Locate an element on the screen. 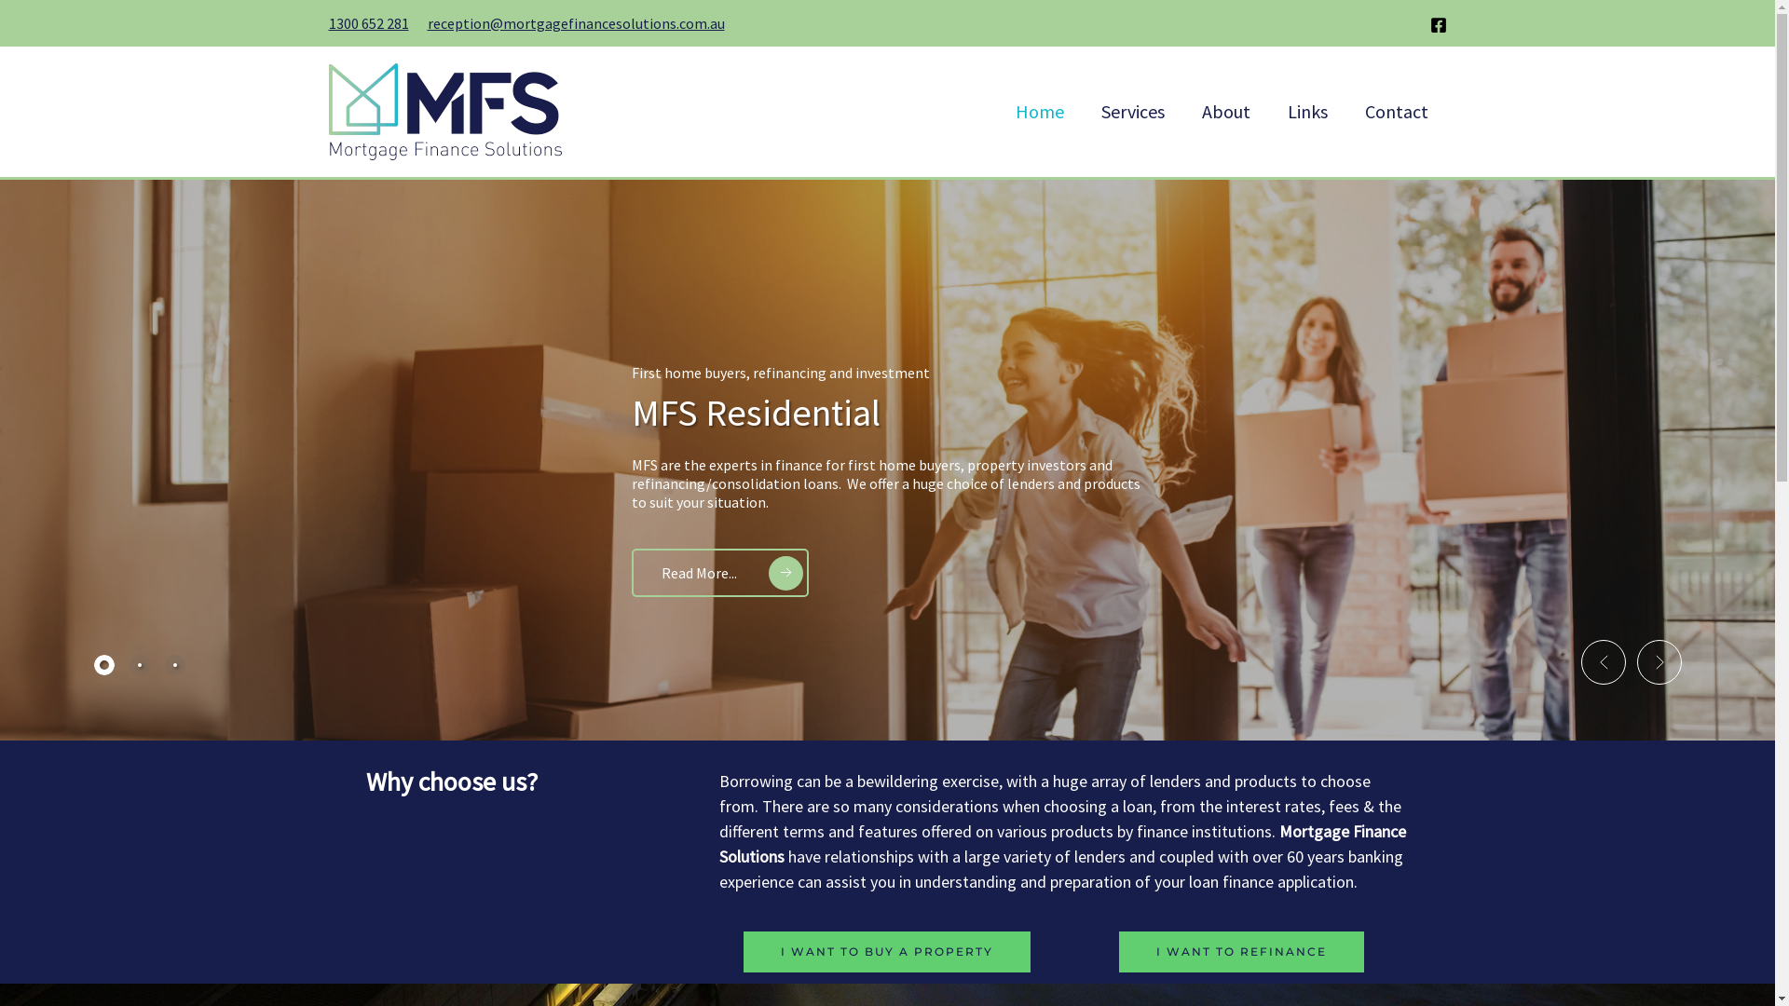 The width and height of the screenshot is (1789, 1006). 'I WANT TO REFINANCE' is located at coordinates (1241, 952).